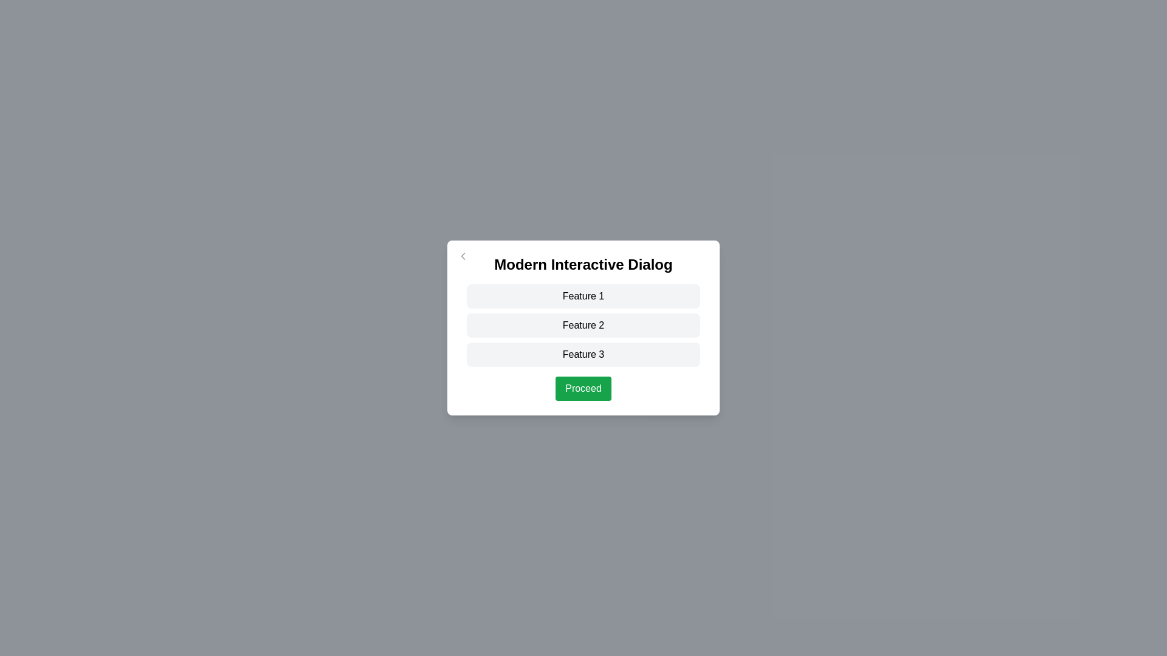  What do you see at coordinates (463, 255) in the screenshot?
I see `the close button to dismiss the dialog` at bounding box center [463, 255].